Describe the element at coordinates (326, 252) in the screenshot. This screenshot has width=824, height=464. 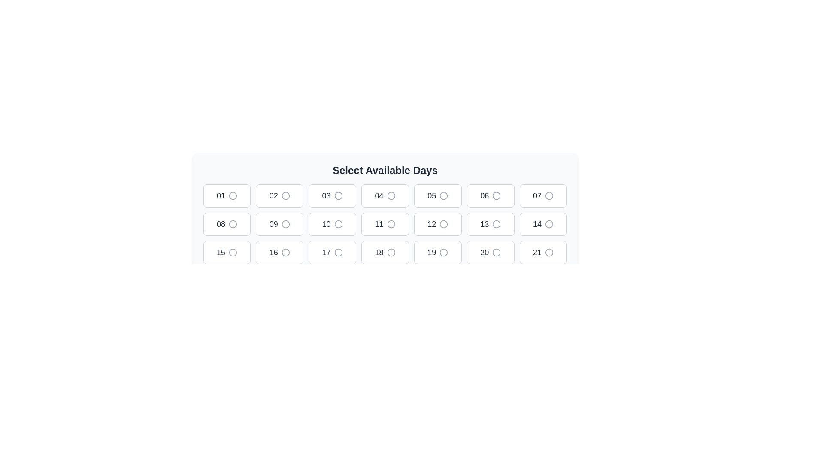
I see `the Text Display element that shows the number '17', located in the sixth box of the third row in a grid layout` at that location.